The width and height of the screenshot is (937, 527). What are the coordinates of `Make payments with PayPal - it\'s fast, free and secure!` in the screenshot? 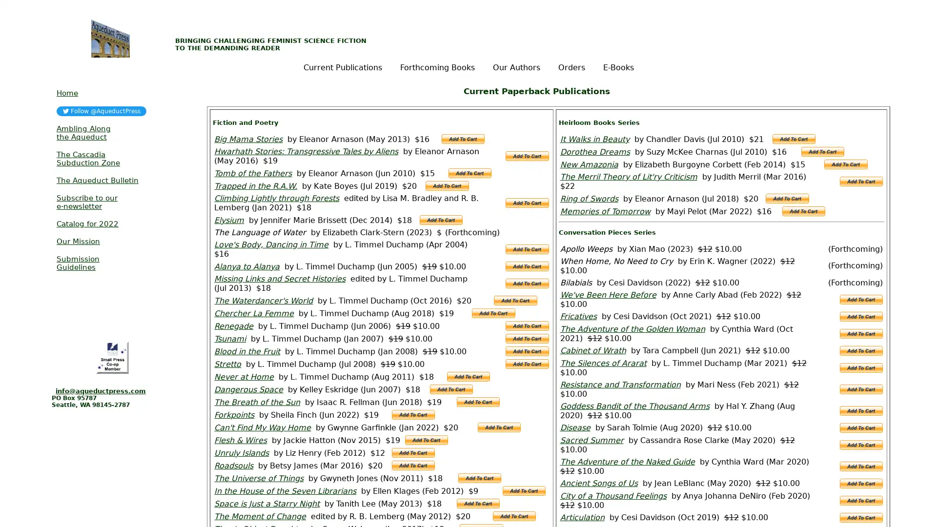 It's located at (845, 163).